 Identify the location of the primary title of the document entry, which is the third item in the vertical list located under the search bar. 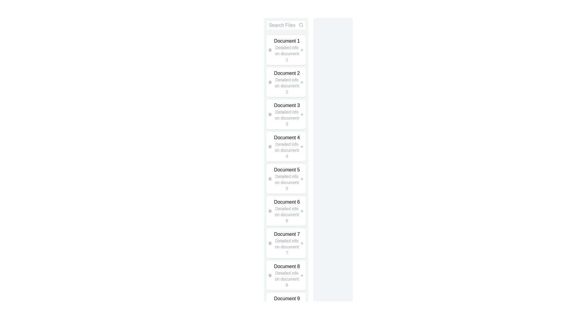
(287, 105).